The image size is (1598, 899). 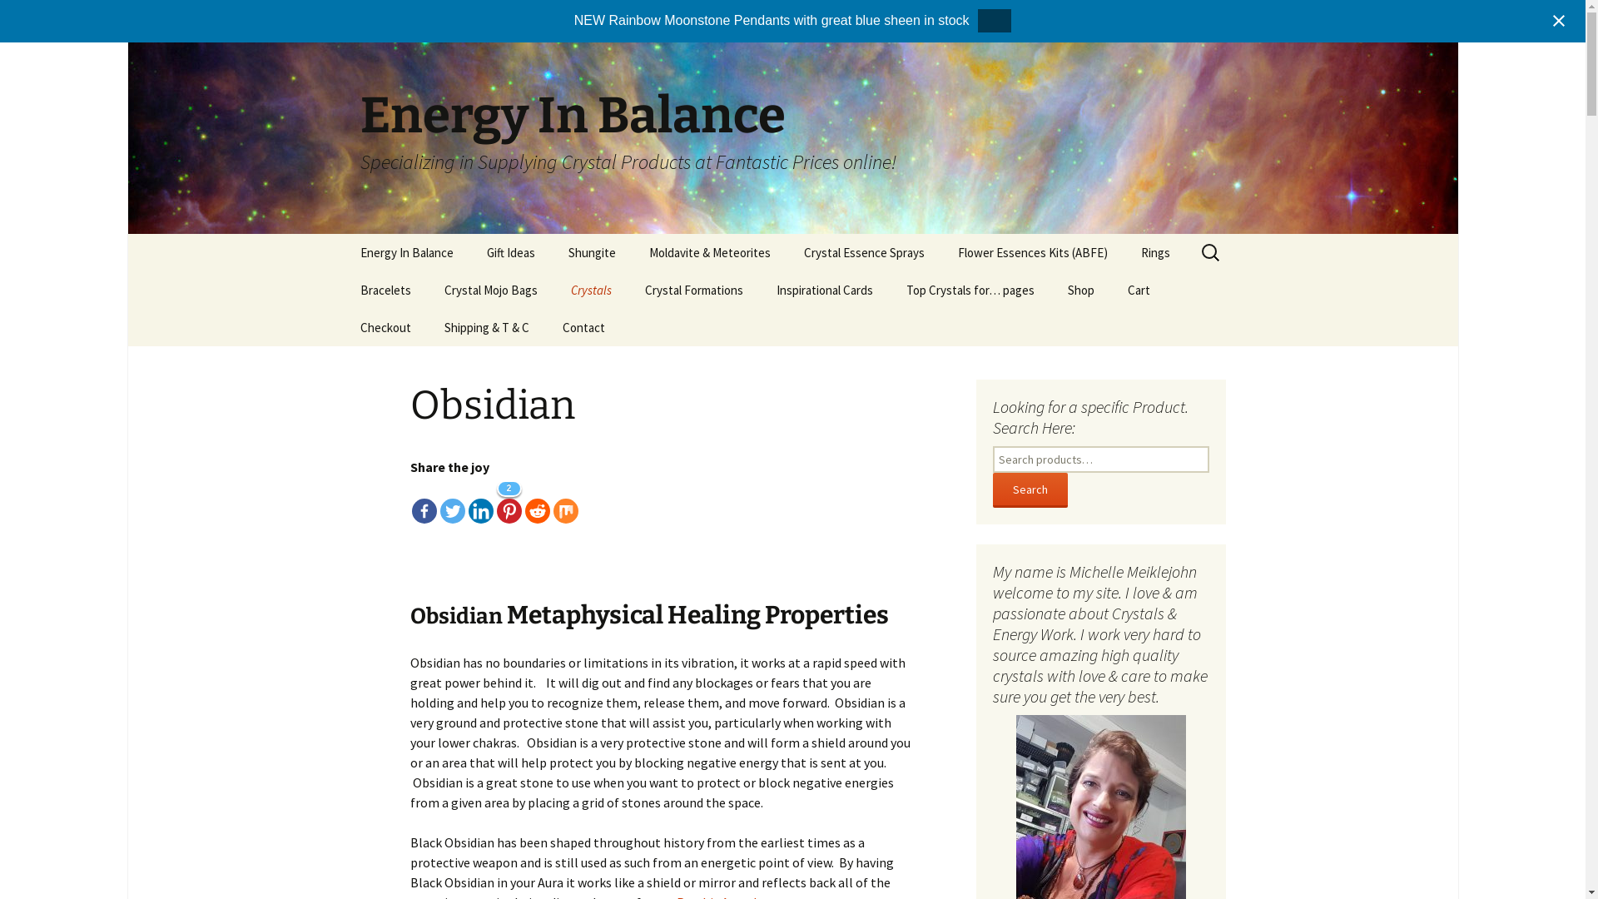 What do you see at coordinates (439, 499) in the screenshot?
I see `'Twitter'` at bounding box center [439, 499].